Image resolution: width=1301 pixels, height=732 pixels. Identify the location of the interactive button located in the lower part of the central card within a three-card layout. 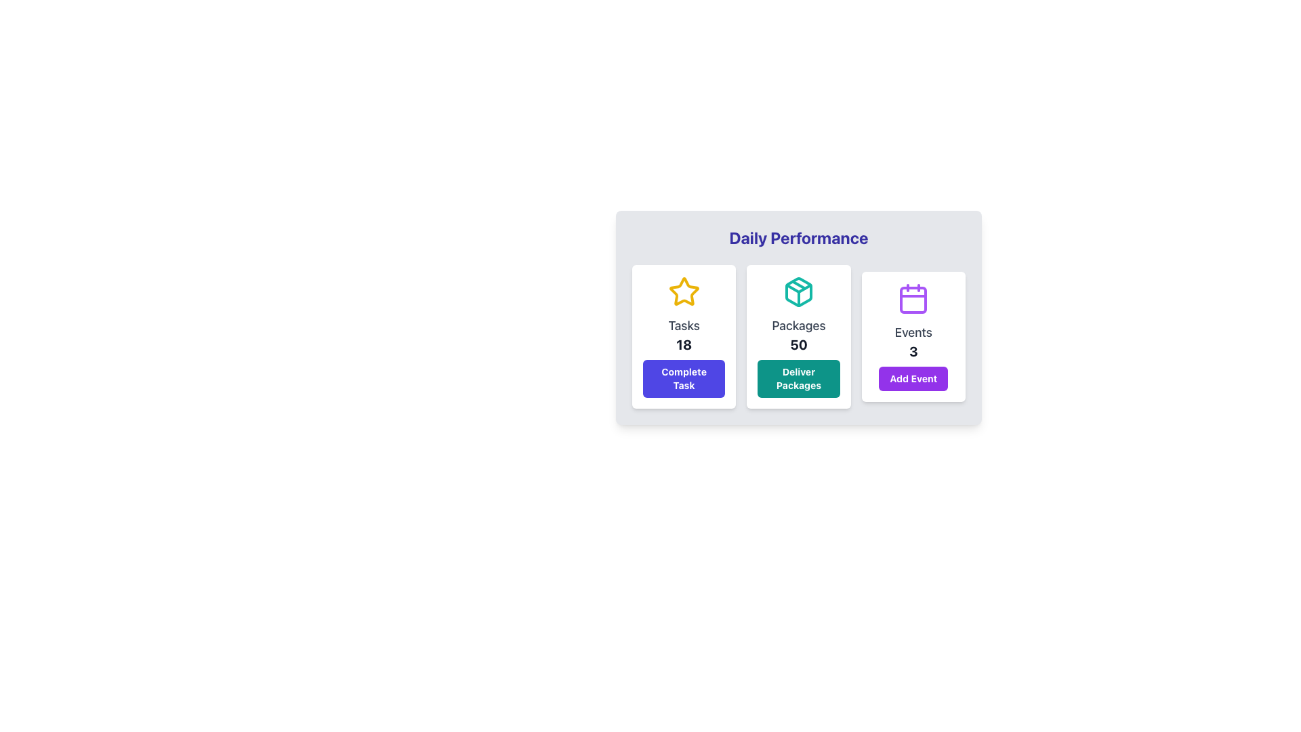
(799, 379).